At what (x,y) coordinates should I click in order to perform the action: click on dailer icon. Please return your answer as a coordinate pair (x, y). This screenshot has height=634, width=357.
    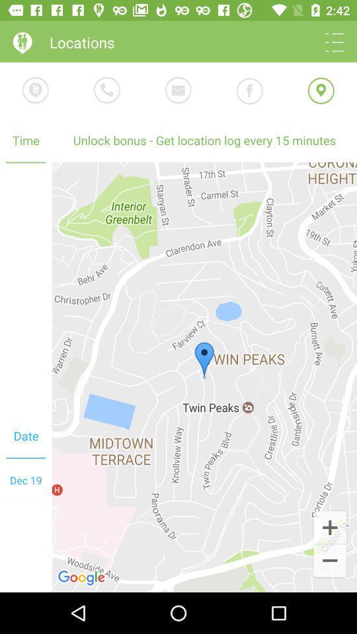
    Looking at the image, I should click on (106, 89).